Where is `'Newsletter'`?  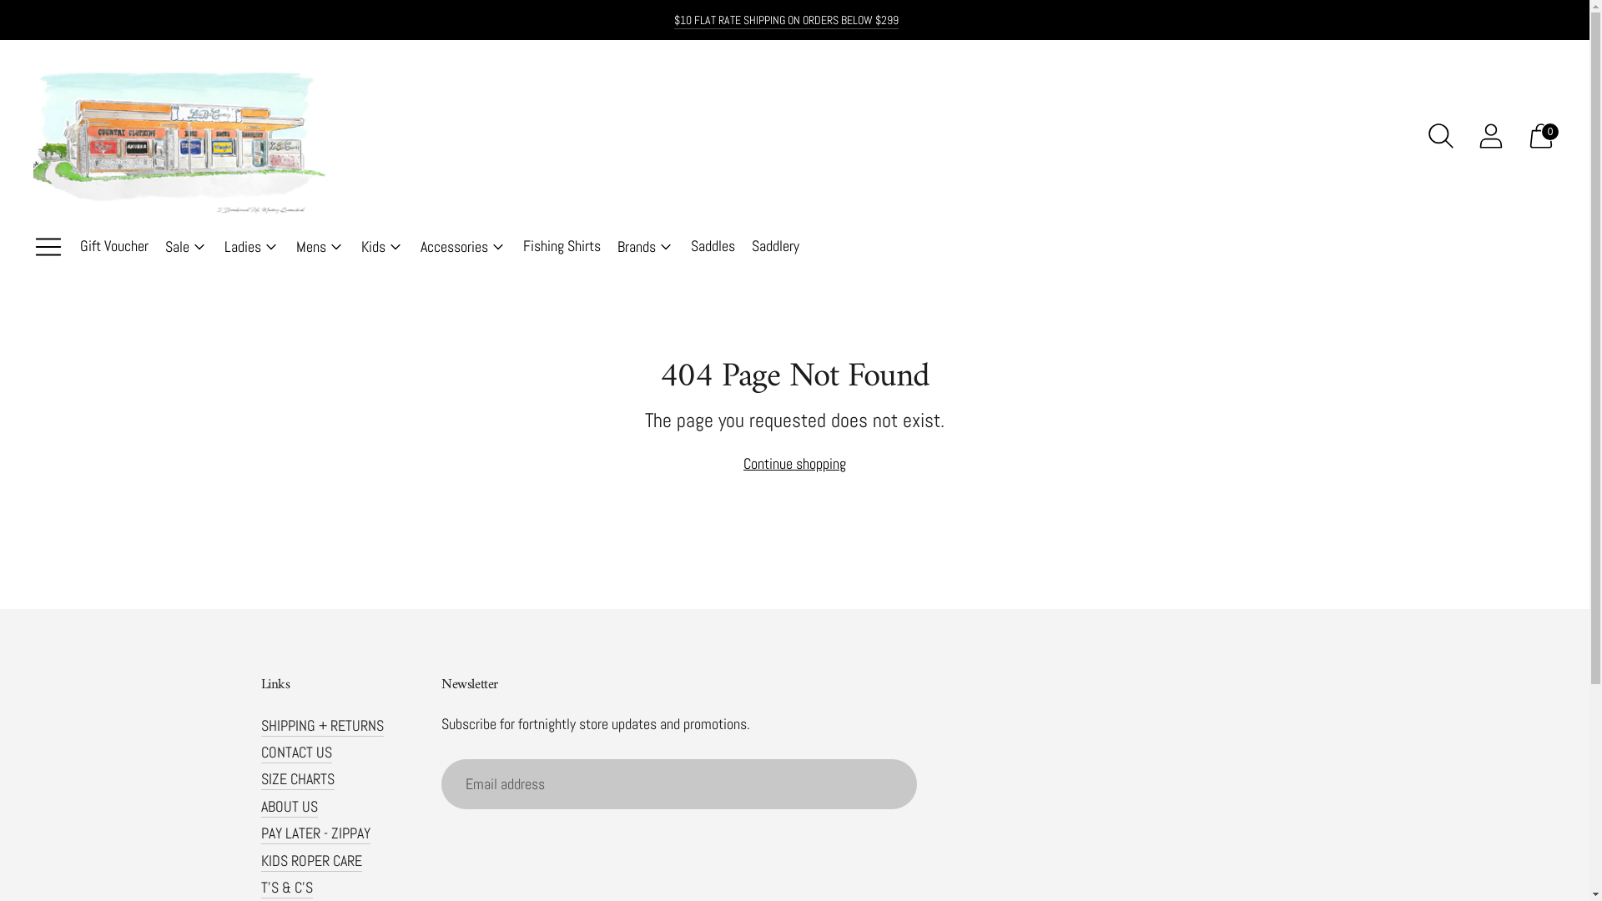 'Newsletter' is located at coordinates (704, 685).